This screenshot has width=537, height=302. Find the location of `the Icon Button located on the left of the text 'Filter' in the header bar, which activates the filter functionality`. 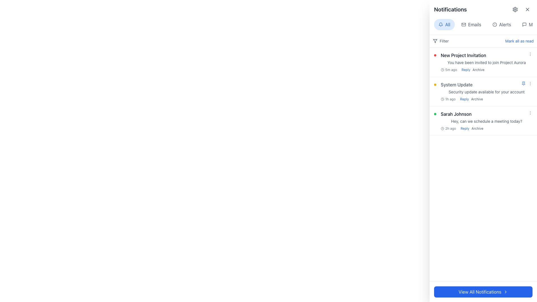

the Icon Button located on the left of the text 'Filter' in the header bar, which activates the filter functionality is located at coordinates (435, 41).